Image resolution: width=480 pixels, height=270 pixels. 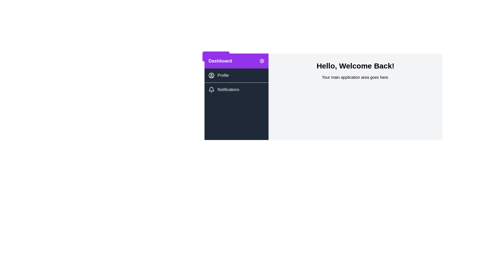 I want to click on the settings icon located in the top right corner of the purple navigation header adjacent to the 'Dashboard' label, so click(x=261, y=60).